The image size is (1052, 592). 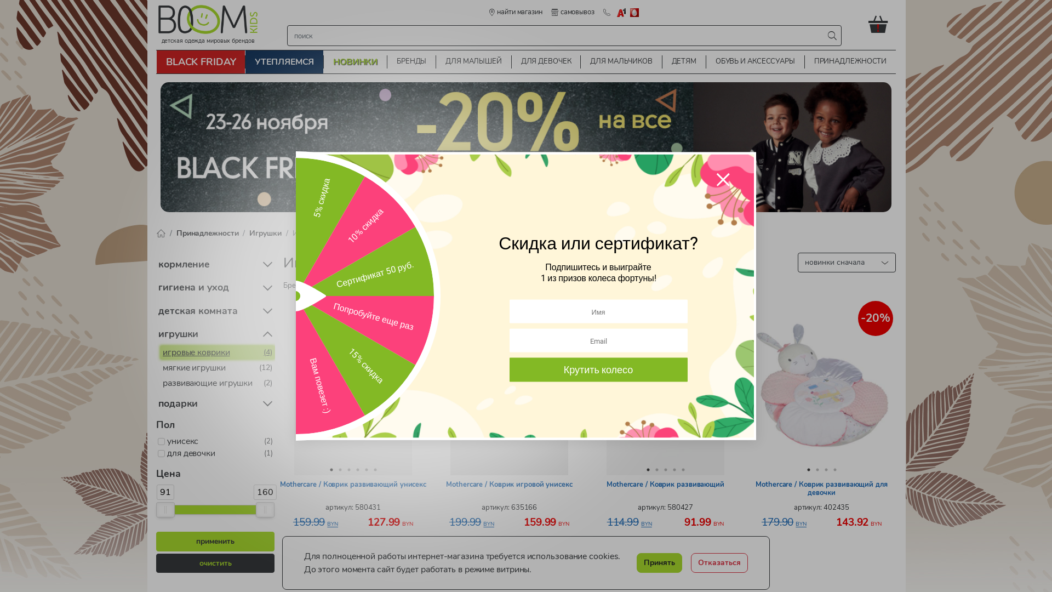 I want to click on '5', so click(x=365, y=469).